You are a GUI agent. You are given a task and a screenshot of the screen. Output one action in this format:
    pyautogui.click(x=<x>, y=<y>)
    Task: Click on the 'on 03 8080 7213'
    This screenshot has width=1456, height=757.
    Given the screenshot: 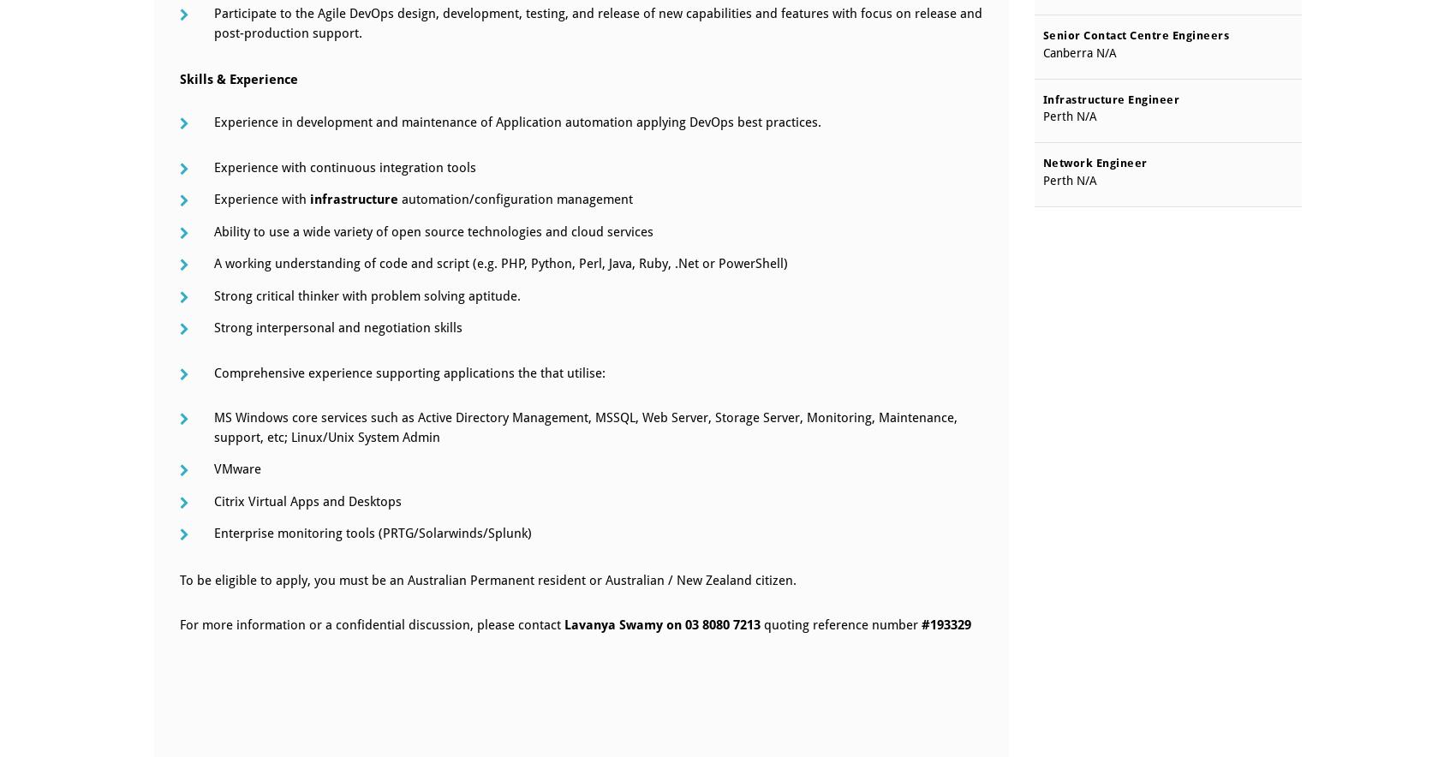 What is the action you would take?
    pyautogui.click(x=713, y=623)
    